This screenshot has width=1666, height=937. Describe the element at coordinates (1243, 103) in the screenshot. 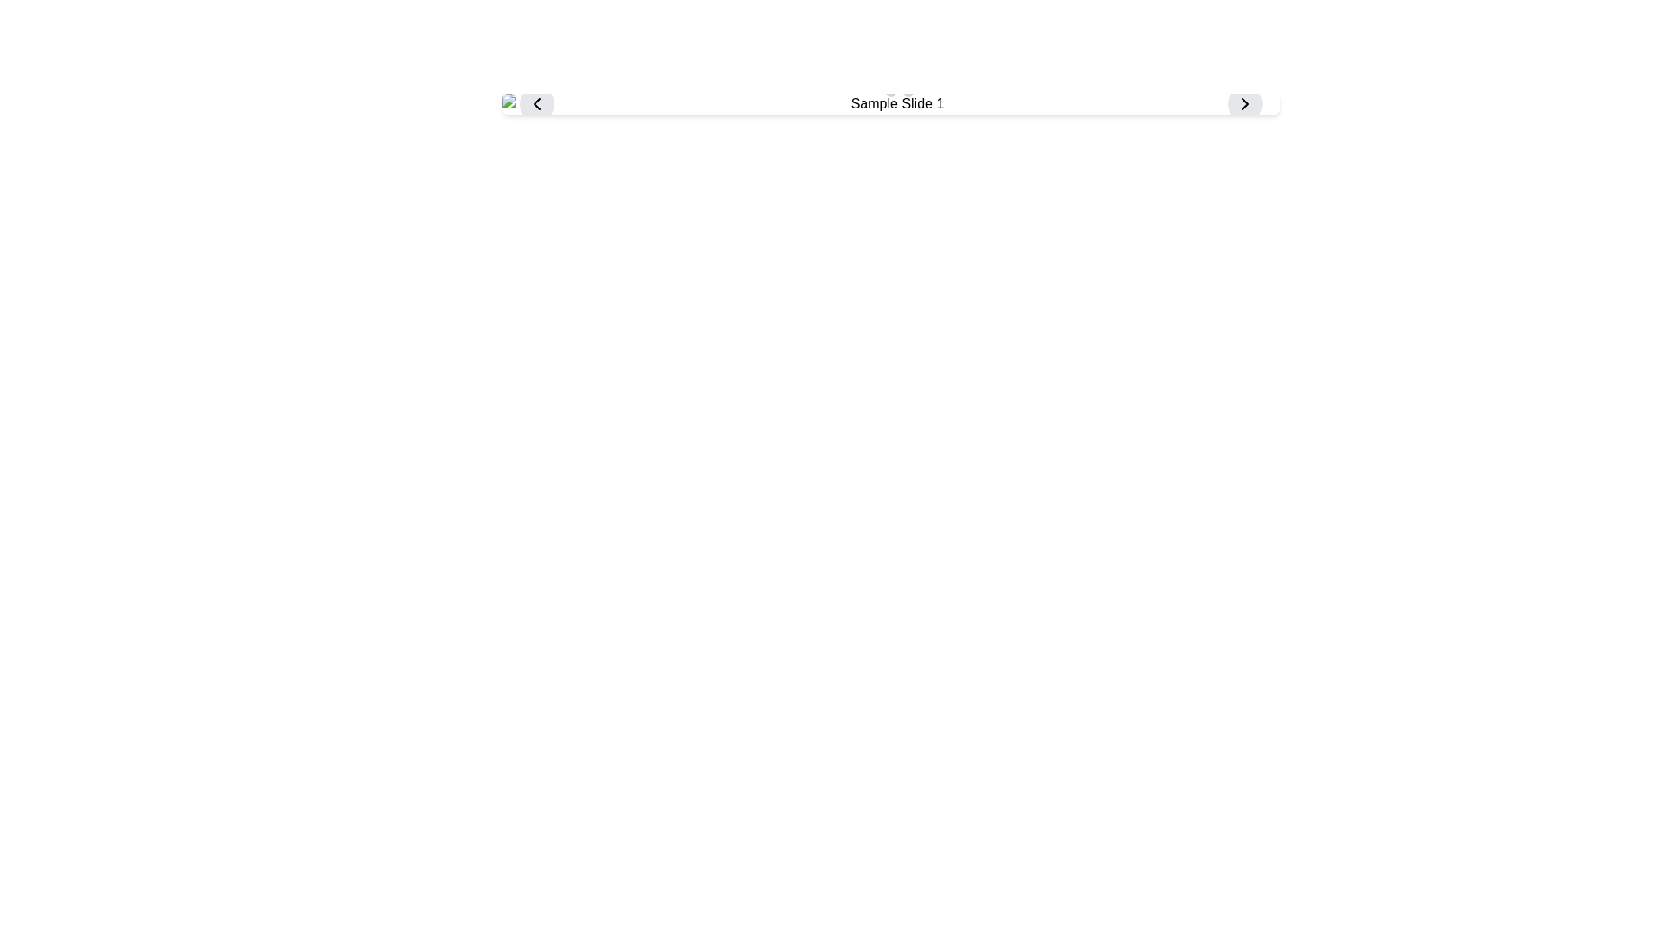

I see `the forward arrow icon located in the rightmost section of the top navigation bar` at that location.